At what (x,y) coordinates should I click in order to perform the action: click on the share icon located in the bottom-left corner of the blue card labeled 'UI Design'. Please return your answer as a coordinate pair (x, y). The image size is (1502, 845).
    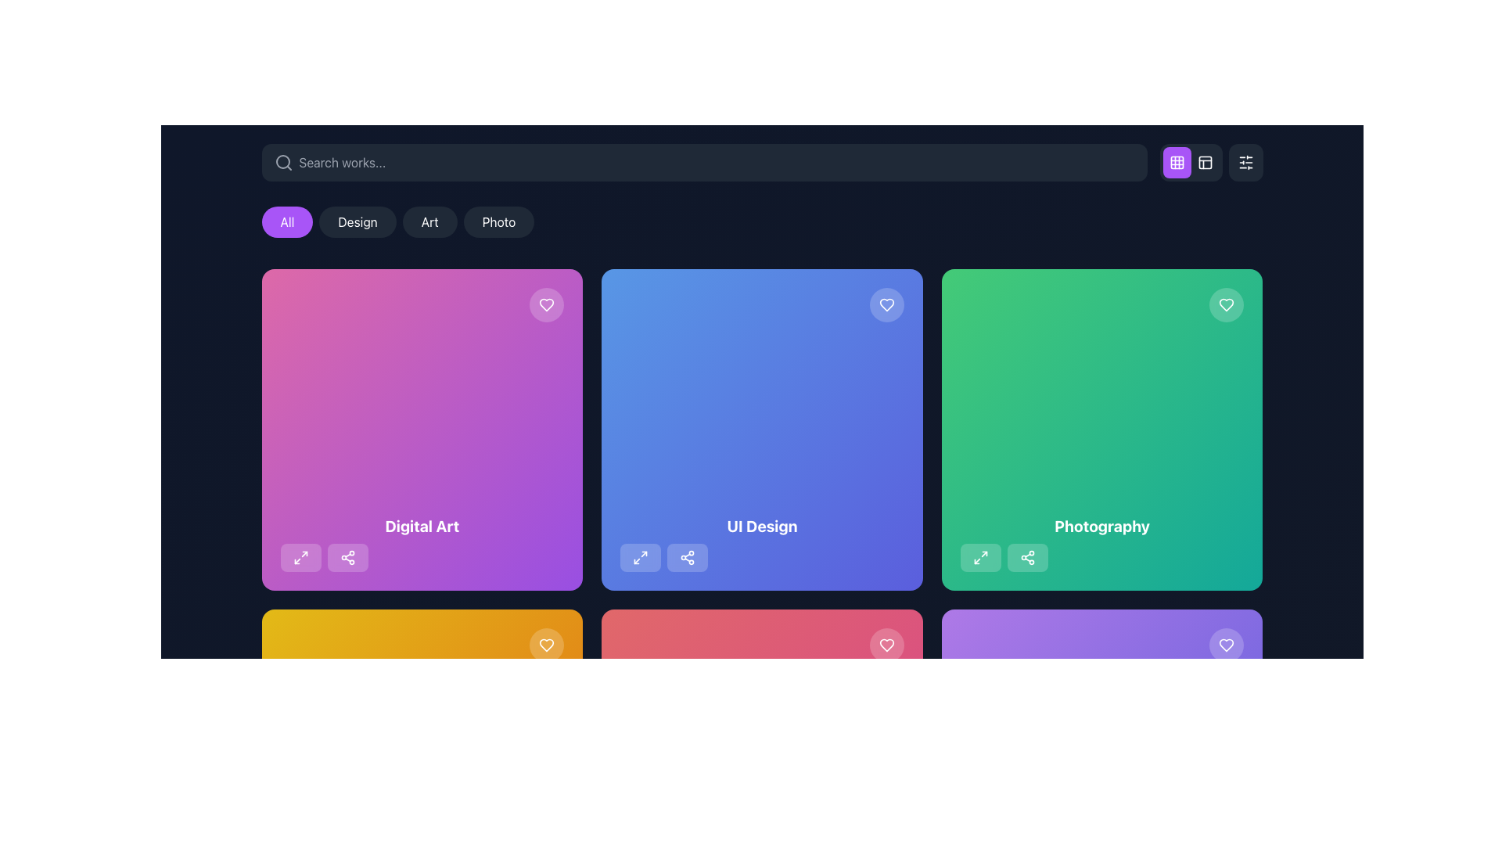
    Looking at the image, I should click on (688, 556).